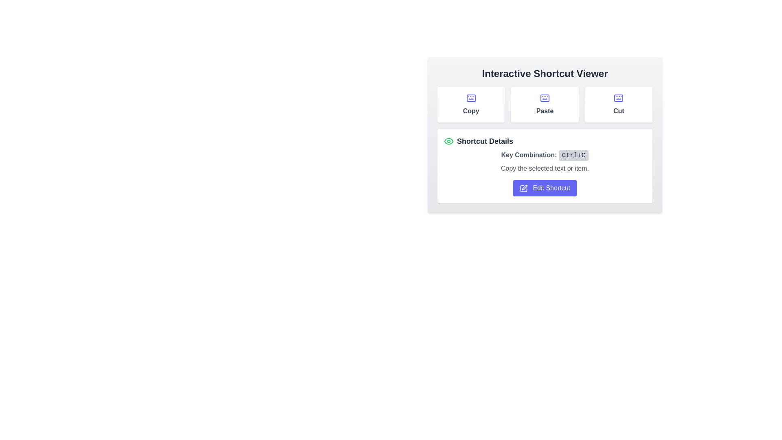 Image resolution: width=782 pixels, height=440 pixels. Describe the element at coordinates (471, 111) in the screenshot. I see `the 'Copy' text label, which indicates the action performed by the button when activated, located at the leftmost position of a three-option row (Copy, Paste, Cut) at the top section of the interface` at that location.